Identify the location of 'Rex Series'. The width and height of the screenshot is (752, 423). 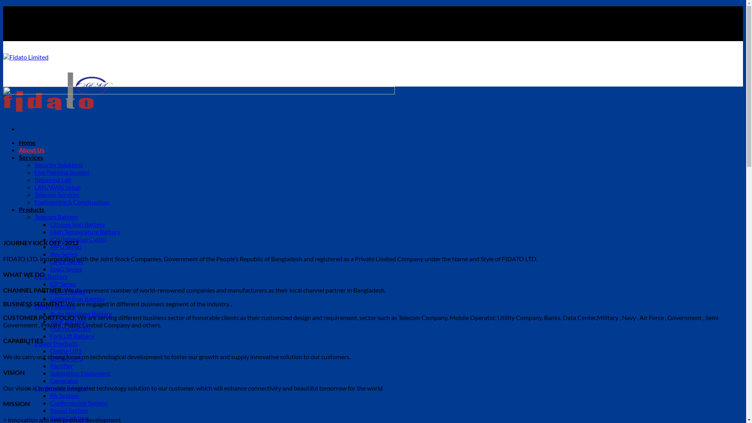
(50, 254).